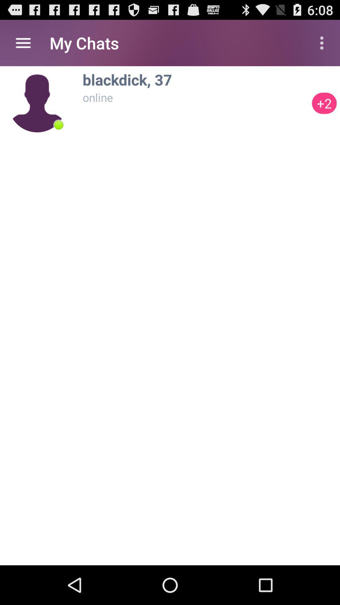 This screenshot has height=605, width=340. What do you see at coordinates (324, 103) in the screenshot?
I see `the item next to the blackdick, 37` at bounding box center [324, 103].